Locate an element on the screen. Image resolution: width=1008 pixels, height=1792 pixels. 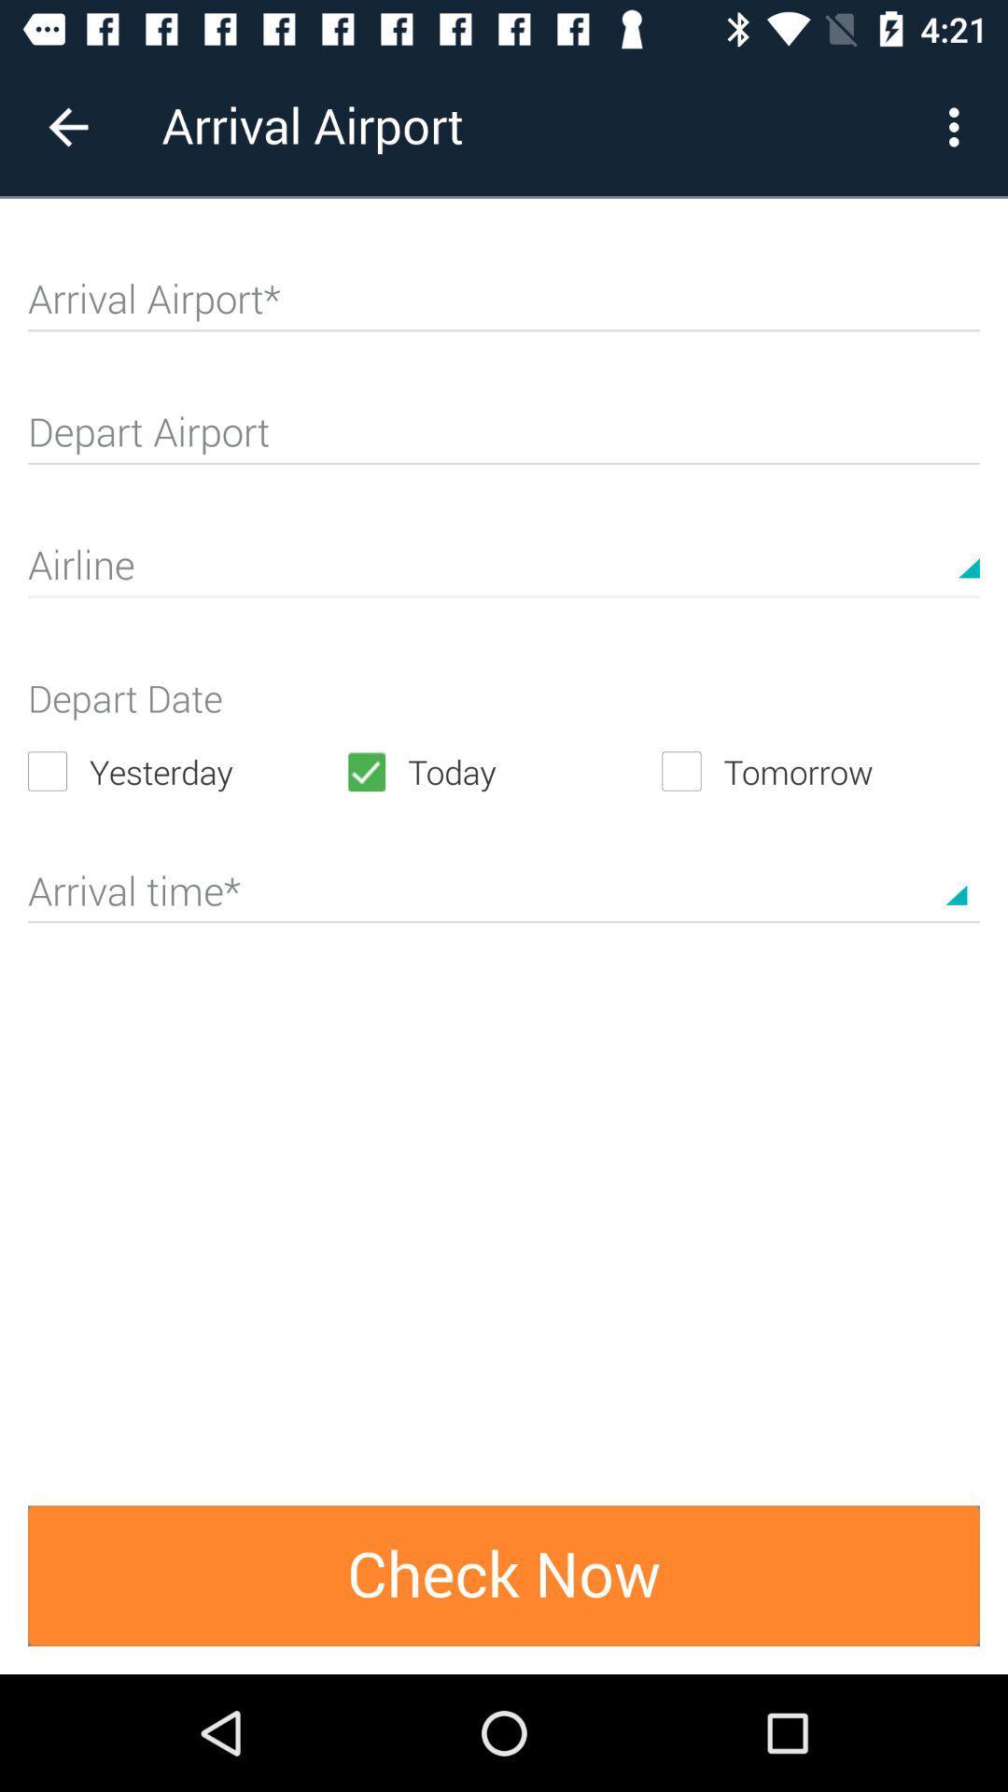
choose airline is located at coordinates (504, 572).